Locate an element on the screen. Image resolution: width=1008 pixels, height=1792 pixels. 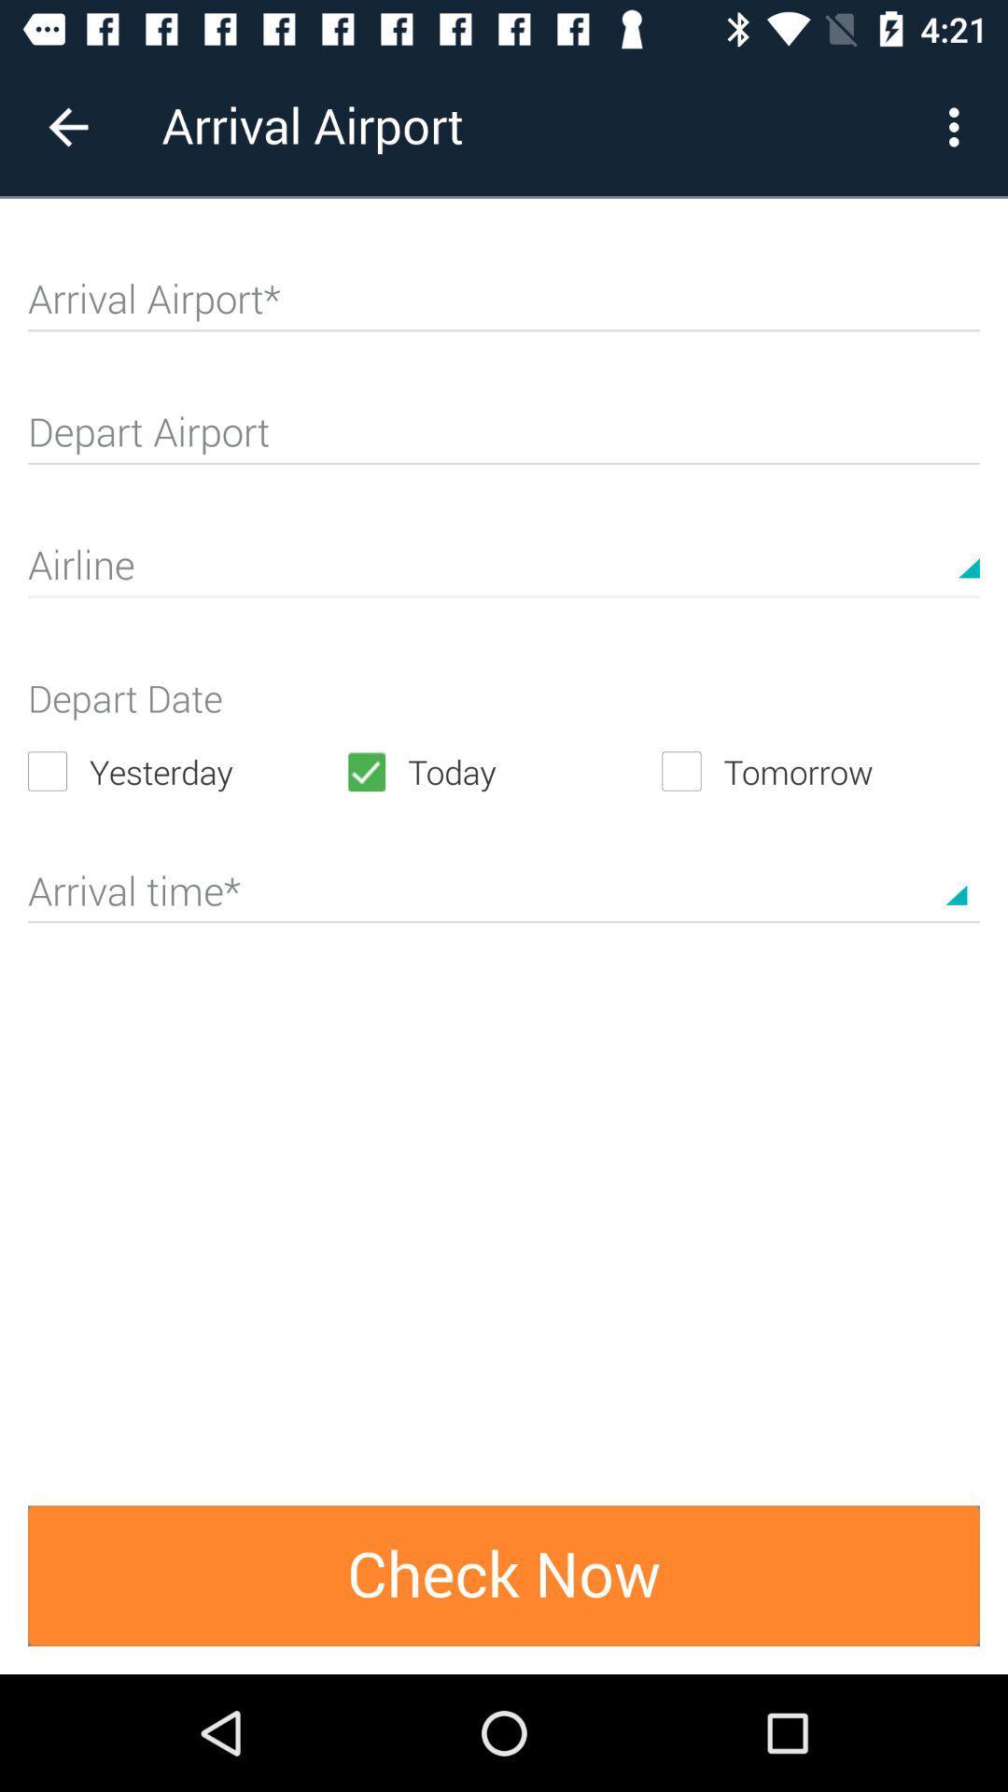
choose airline is located at coordinates (504, 572).